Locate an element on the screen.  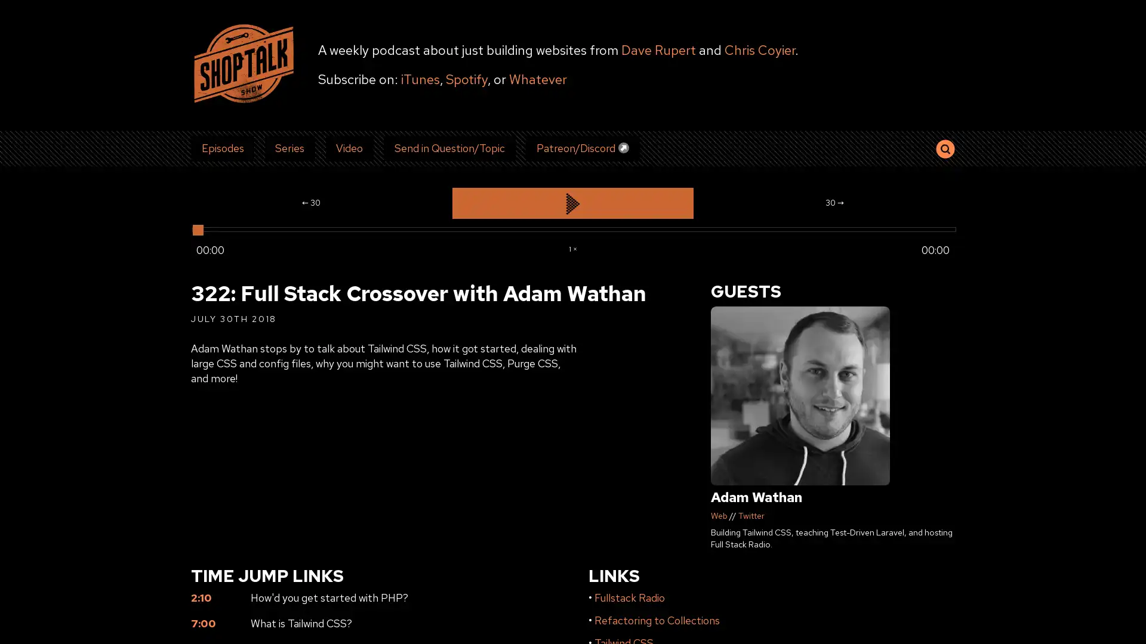
Play is located at coordinates (572, 202).